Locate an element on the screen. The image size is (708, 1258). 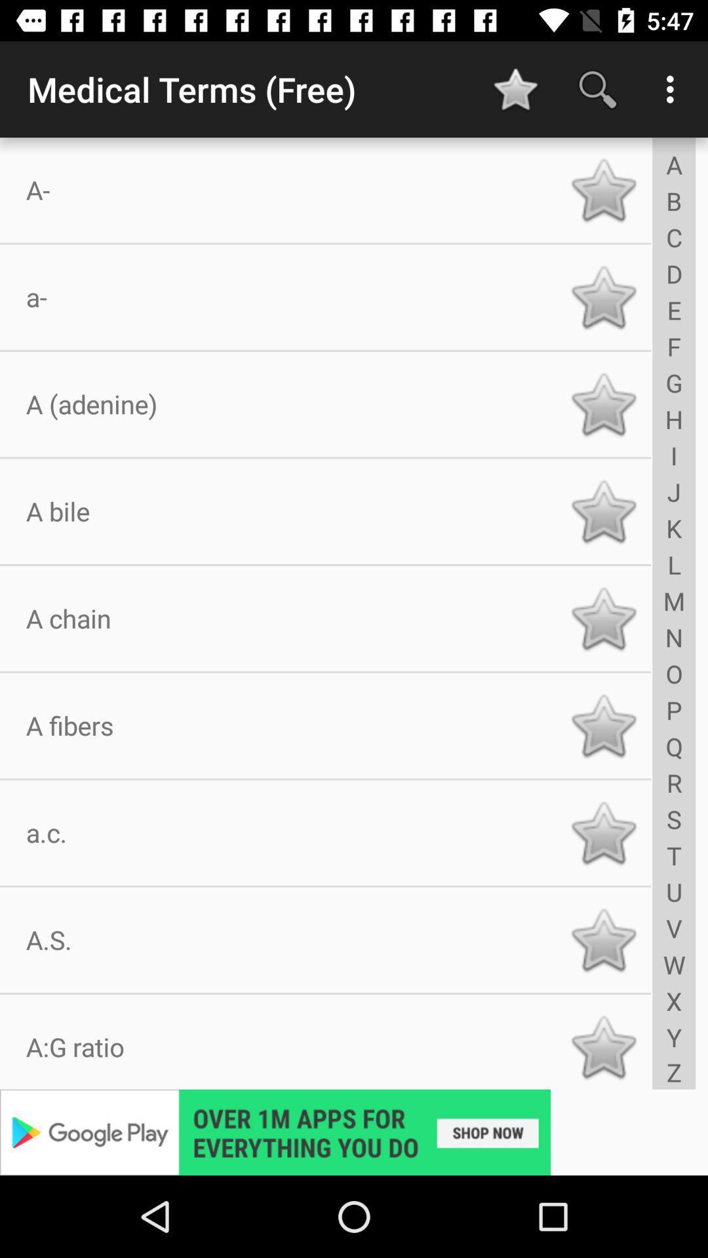
chose as favorite is located at coordinates (603, 404).